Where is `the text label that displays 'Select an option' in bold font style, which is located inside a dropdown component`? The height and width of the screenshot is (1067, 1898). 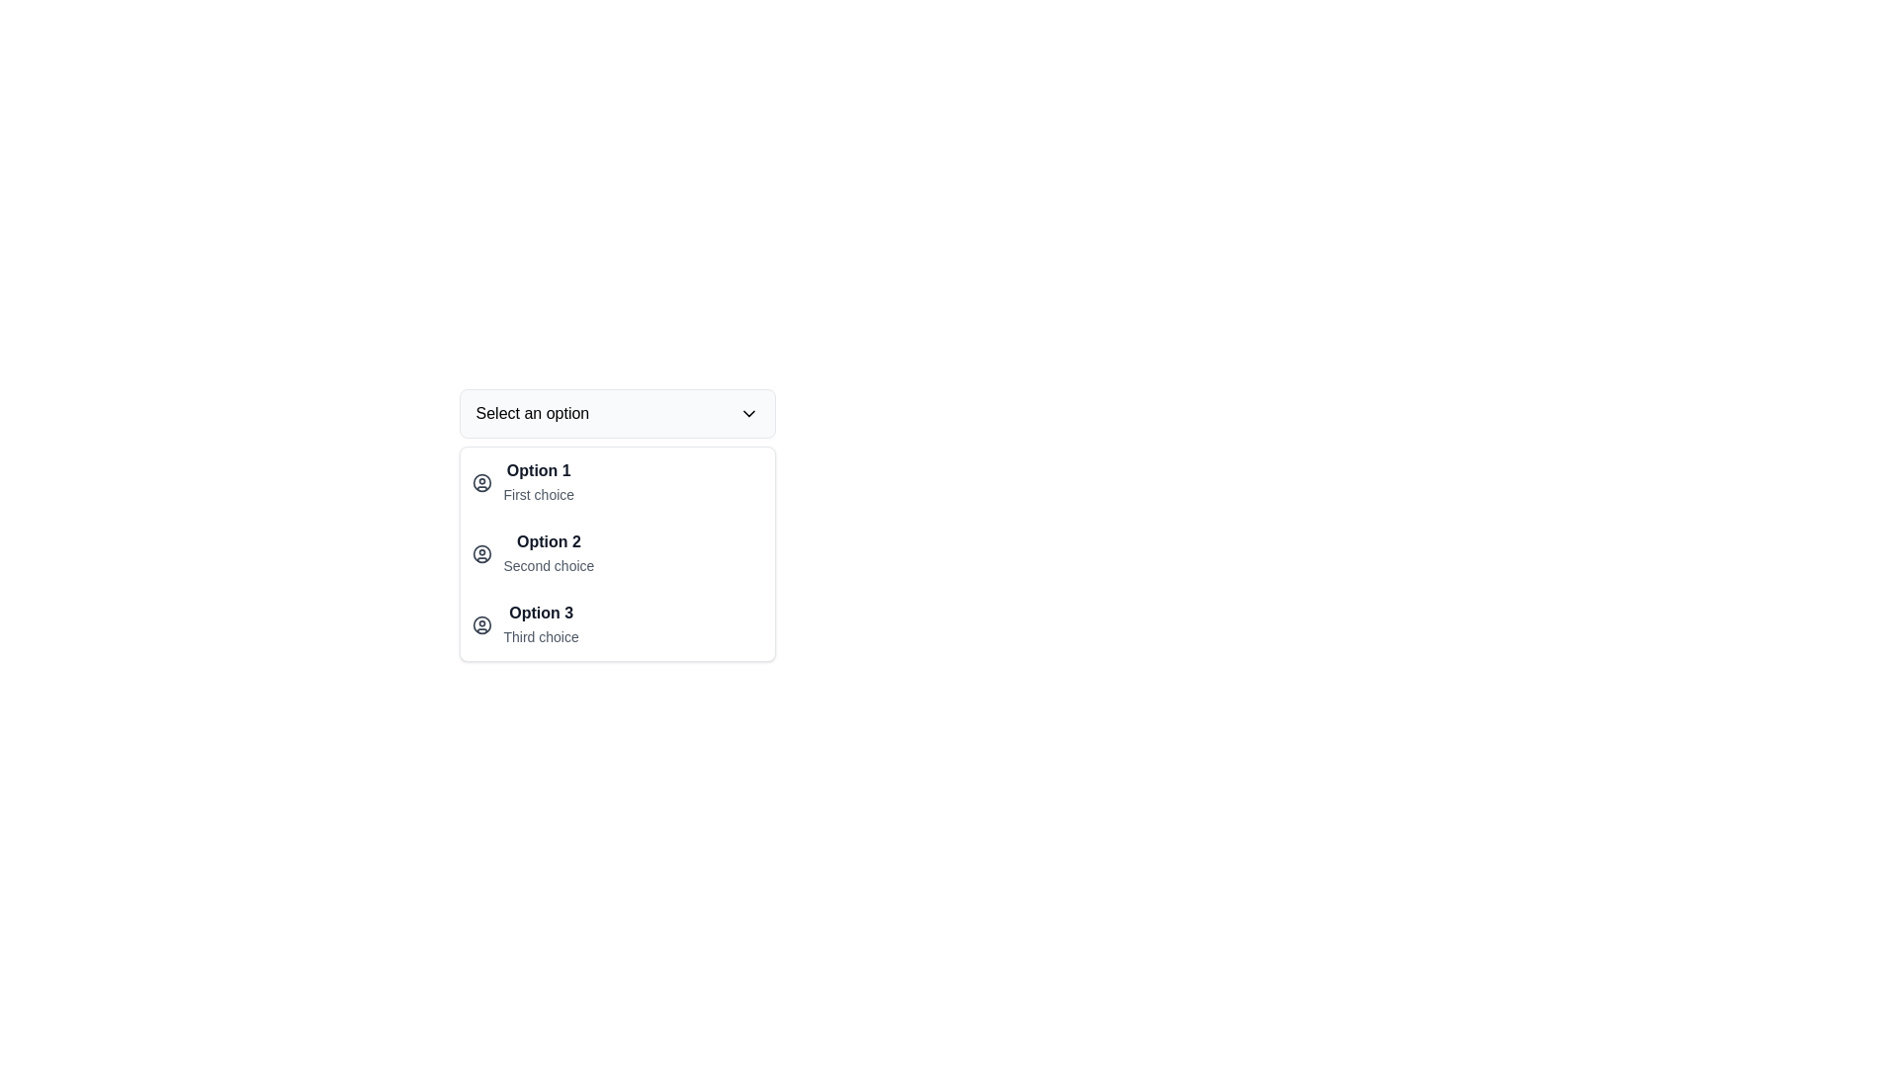 the text label that displays 'Select an option' in bold font style, which is located inside a dropdown component is located at coordinates (532, 413).